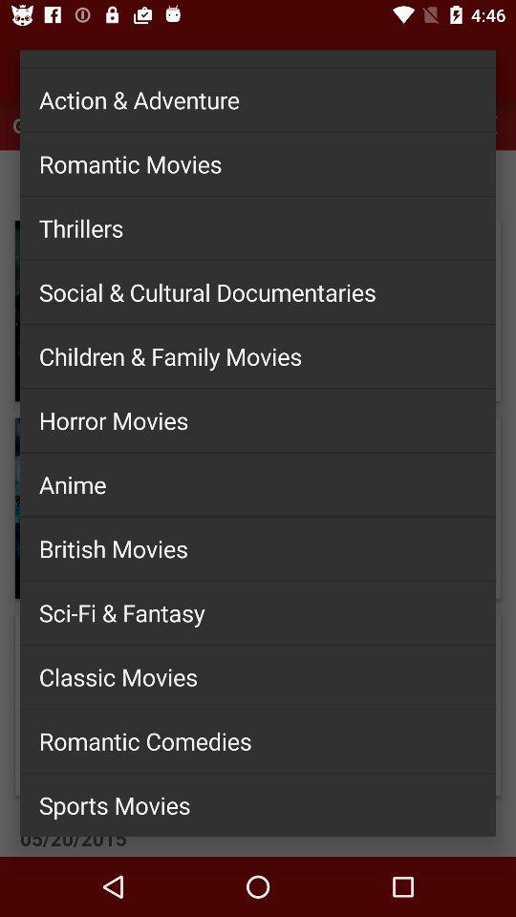 The image size is (516, 917). Describe the element at coordinates (258, 676) in the screenshot. I see `classic movies` at that location.